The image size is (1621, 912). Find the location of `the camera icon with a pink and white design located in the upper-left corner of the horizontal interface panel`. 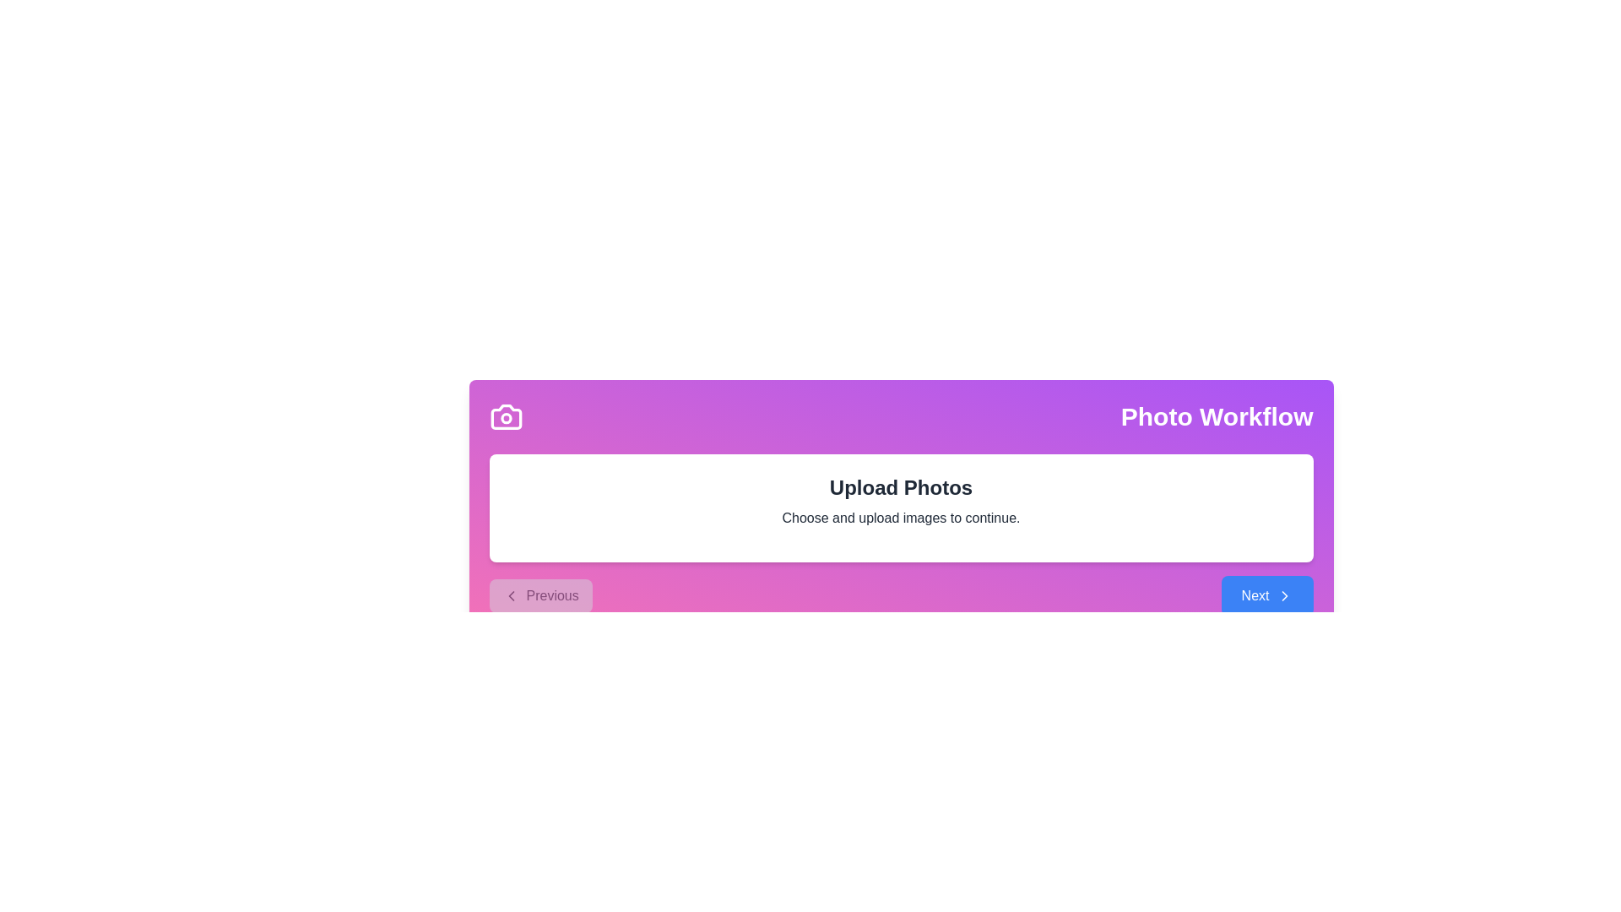

the camera icon with a pink and white design located in the upper-left corner of the horizontal interface panel is located at coordinates (505, 416).